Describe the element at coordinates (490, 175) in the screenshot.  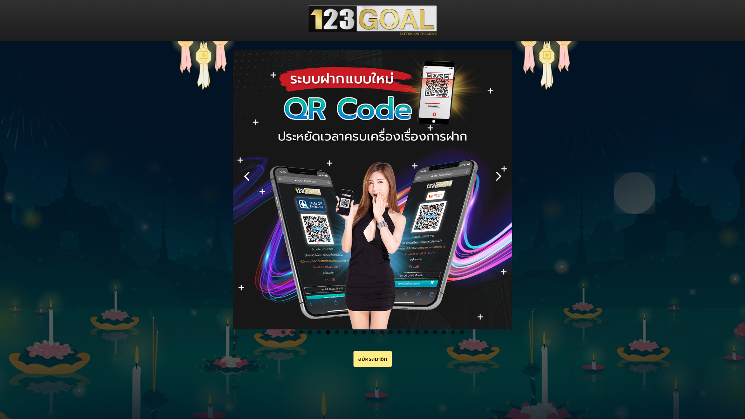
I see `'Next'` at that location.